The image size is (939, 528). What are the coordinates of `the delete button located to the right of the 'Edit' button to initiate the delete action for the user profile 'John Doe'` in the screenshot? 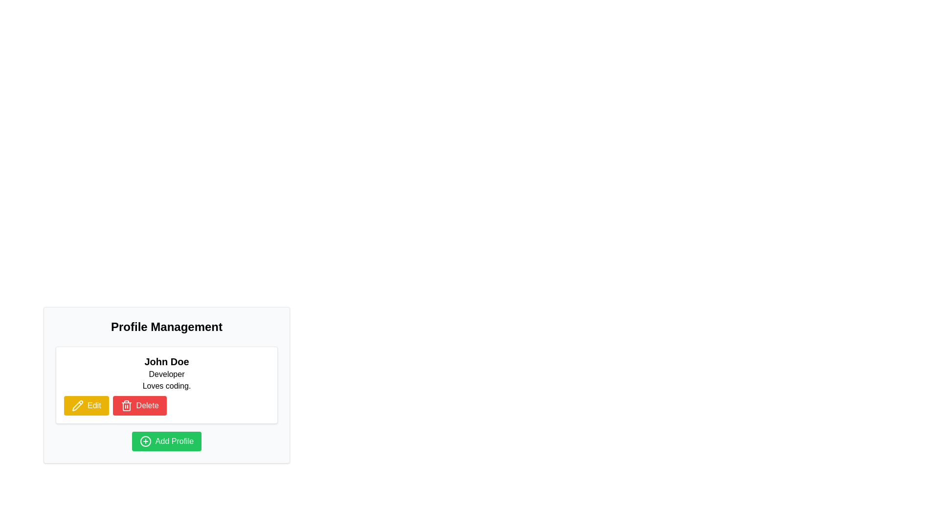 It's located at (139, 405).